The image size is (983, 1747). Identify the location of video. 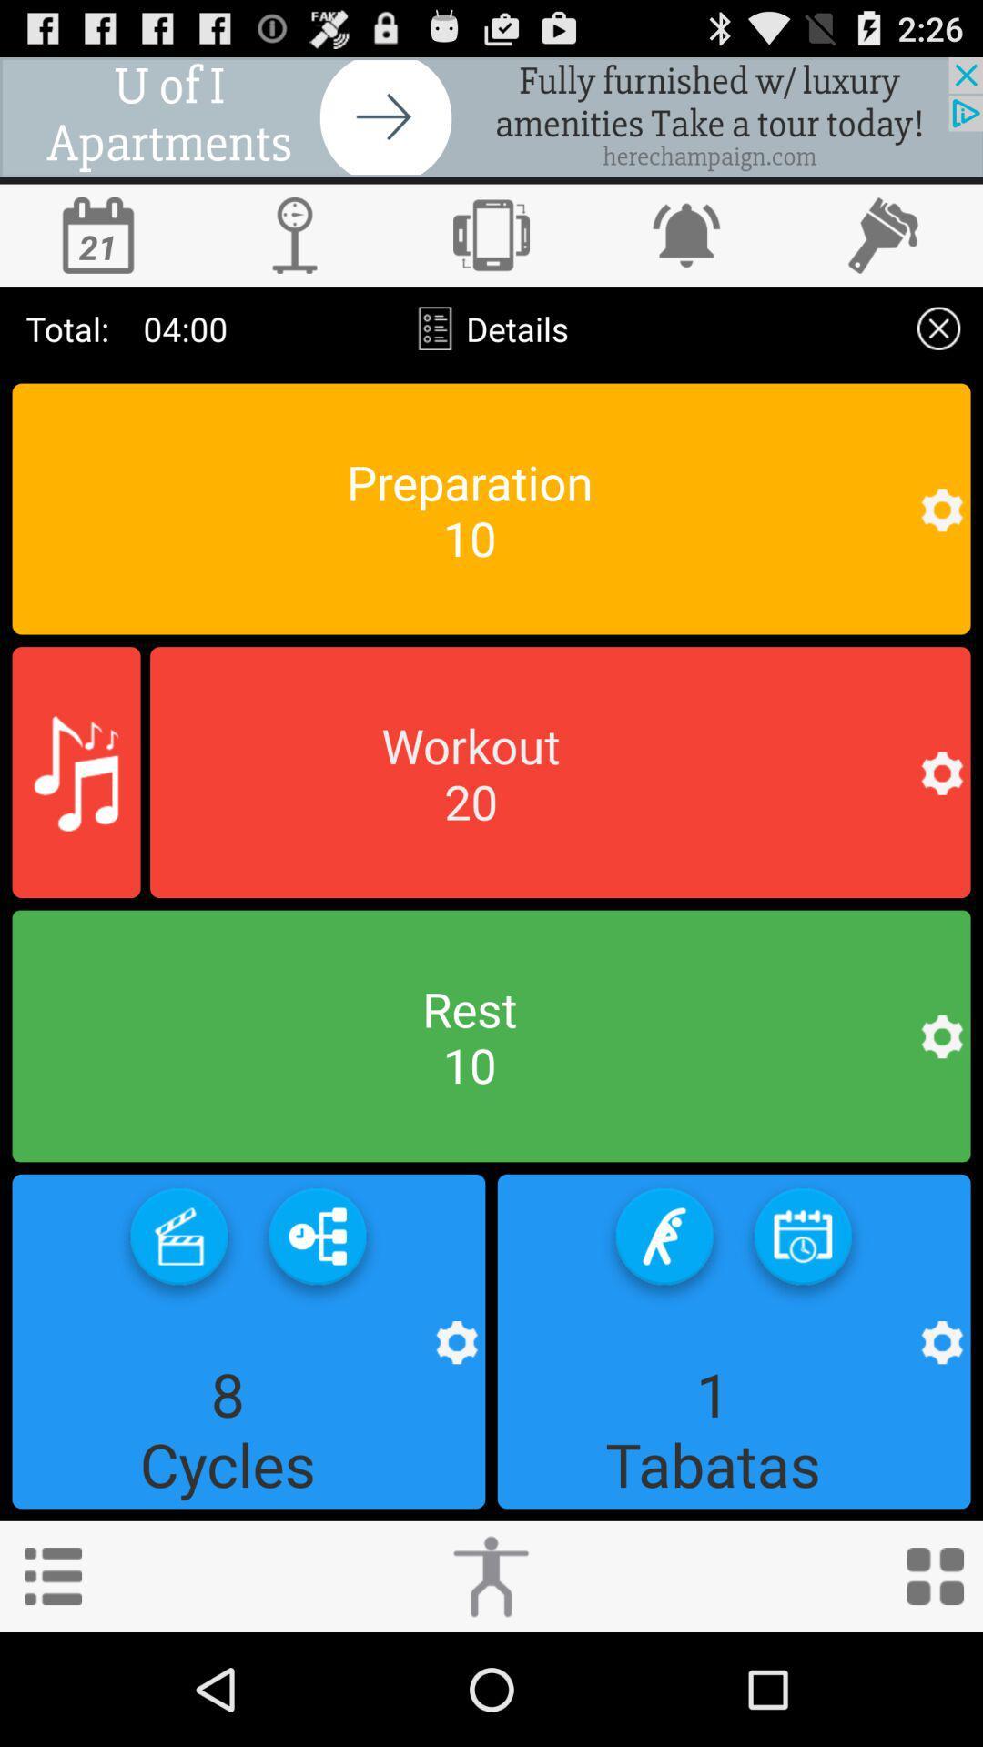
(178, 1242).